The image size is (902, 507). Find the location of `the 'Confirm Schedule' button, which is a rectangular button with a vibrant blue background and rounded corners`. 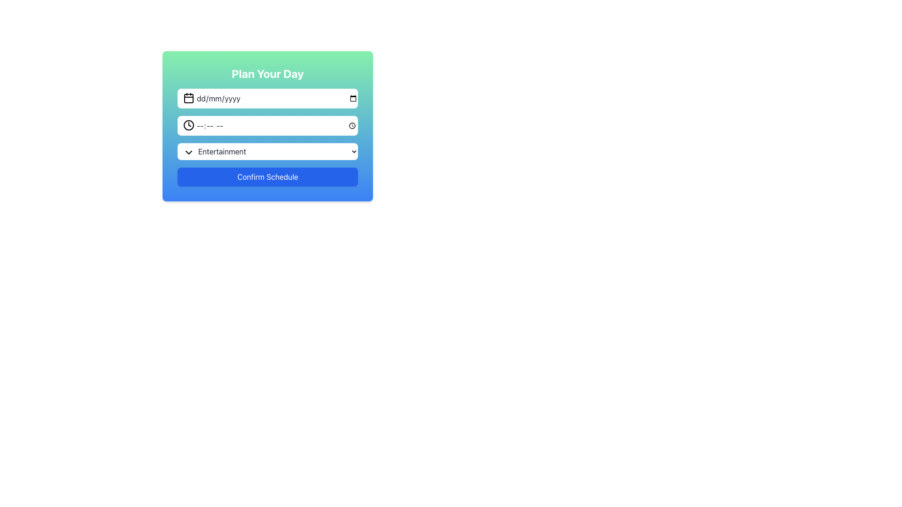

the 'Confirm Schedule' button, which is a rectangular button with a vibrant blue background and rounded corners is located at coordinates (267, 177).